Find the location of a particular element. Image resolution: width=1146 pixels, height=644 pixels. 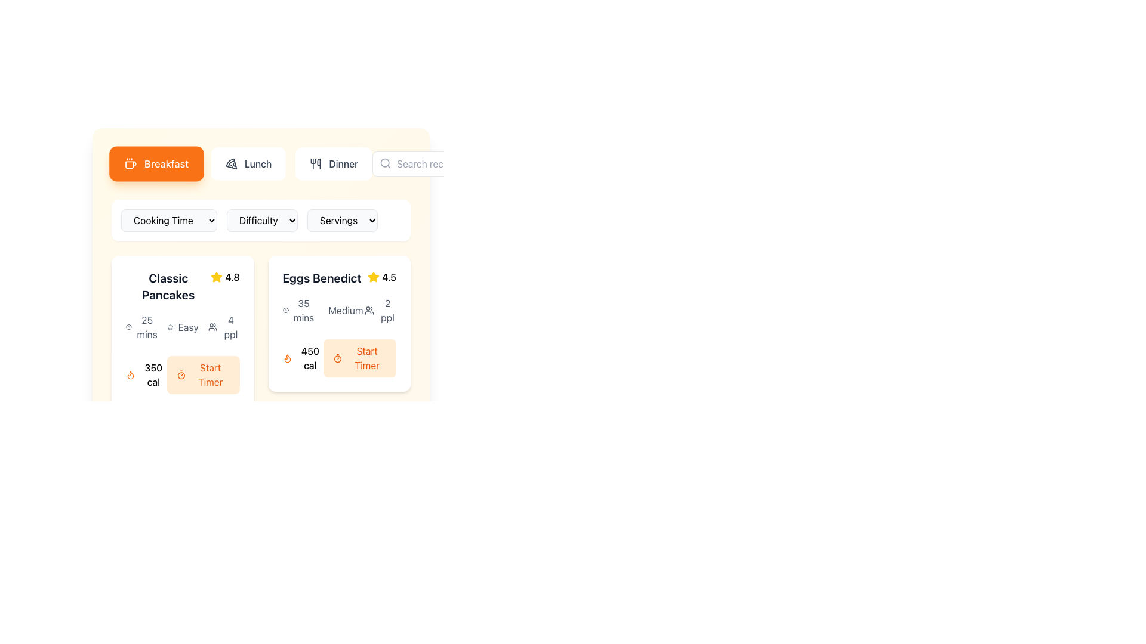

text '4 ppl' displayed alongside the user icon in the bottom section of the recipe card for 'Classic Pancakes' is located at coordinates (223, 327).